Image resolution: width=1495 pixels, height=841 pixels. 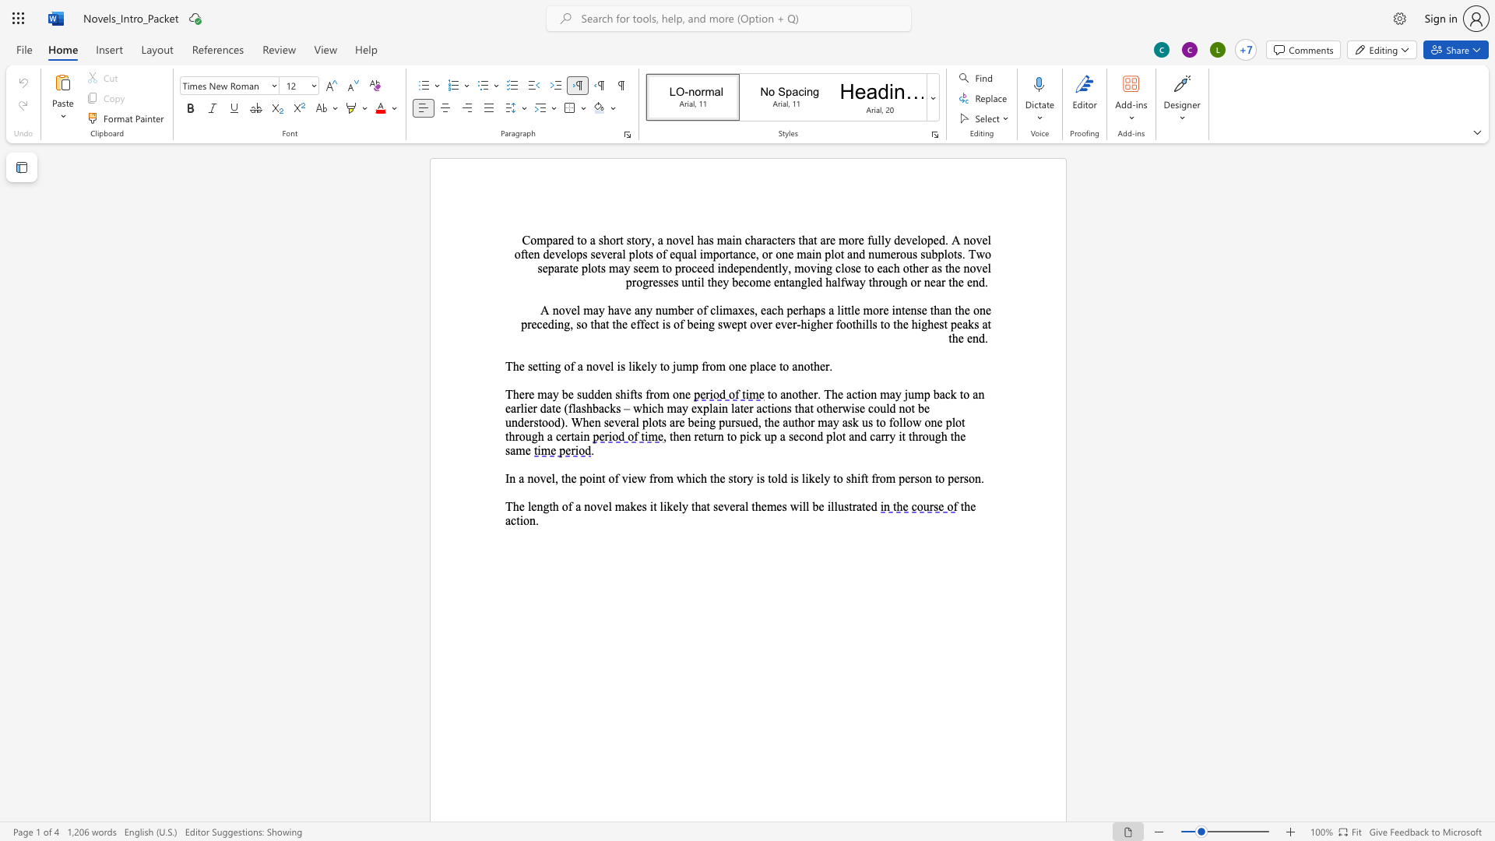 I want to click on the space between the continuous character "n" and "g" in the text, so click(x=543, y=506).